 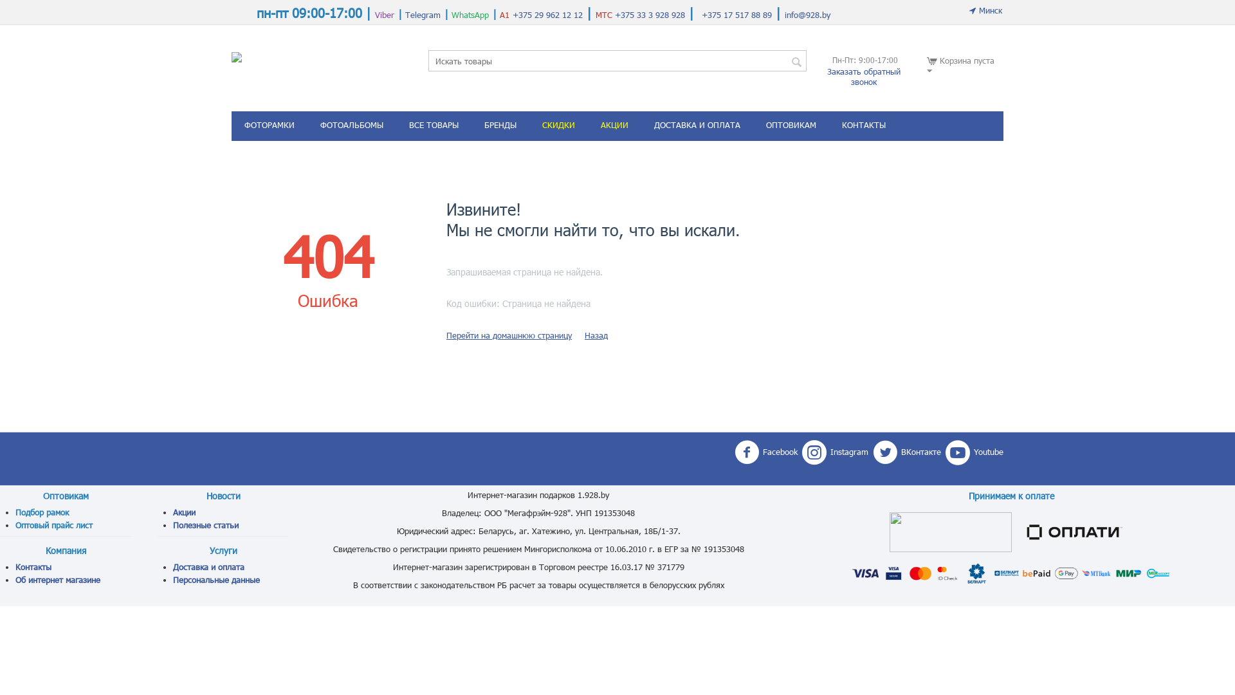 I want to click on 'Instagram', so click(x=835, y=451).